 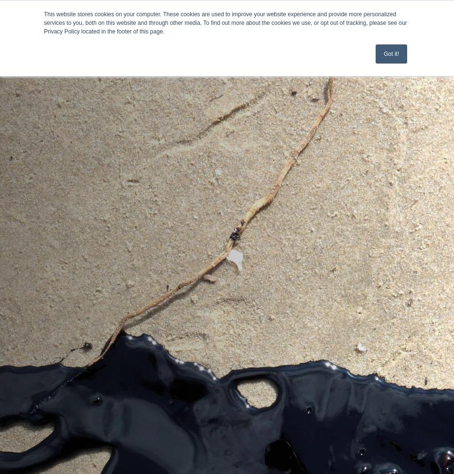 I want to click on 'Student Clubs', so click(x=33, y=103).